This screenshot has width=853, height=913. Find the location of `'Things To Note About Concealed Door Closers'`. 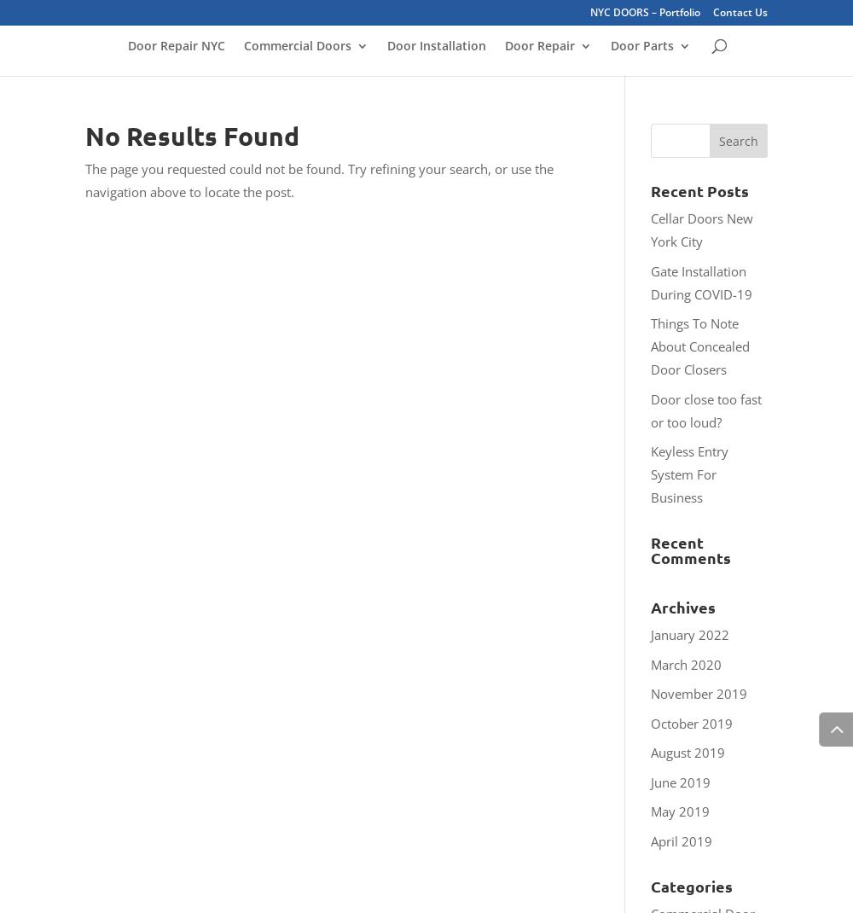

'Things To Note About Concealed Door Closers' is located at coordinates (651, 345).